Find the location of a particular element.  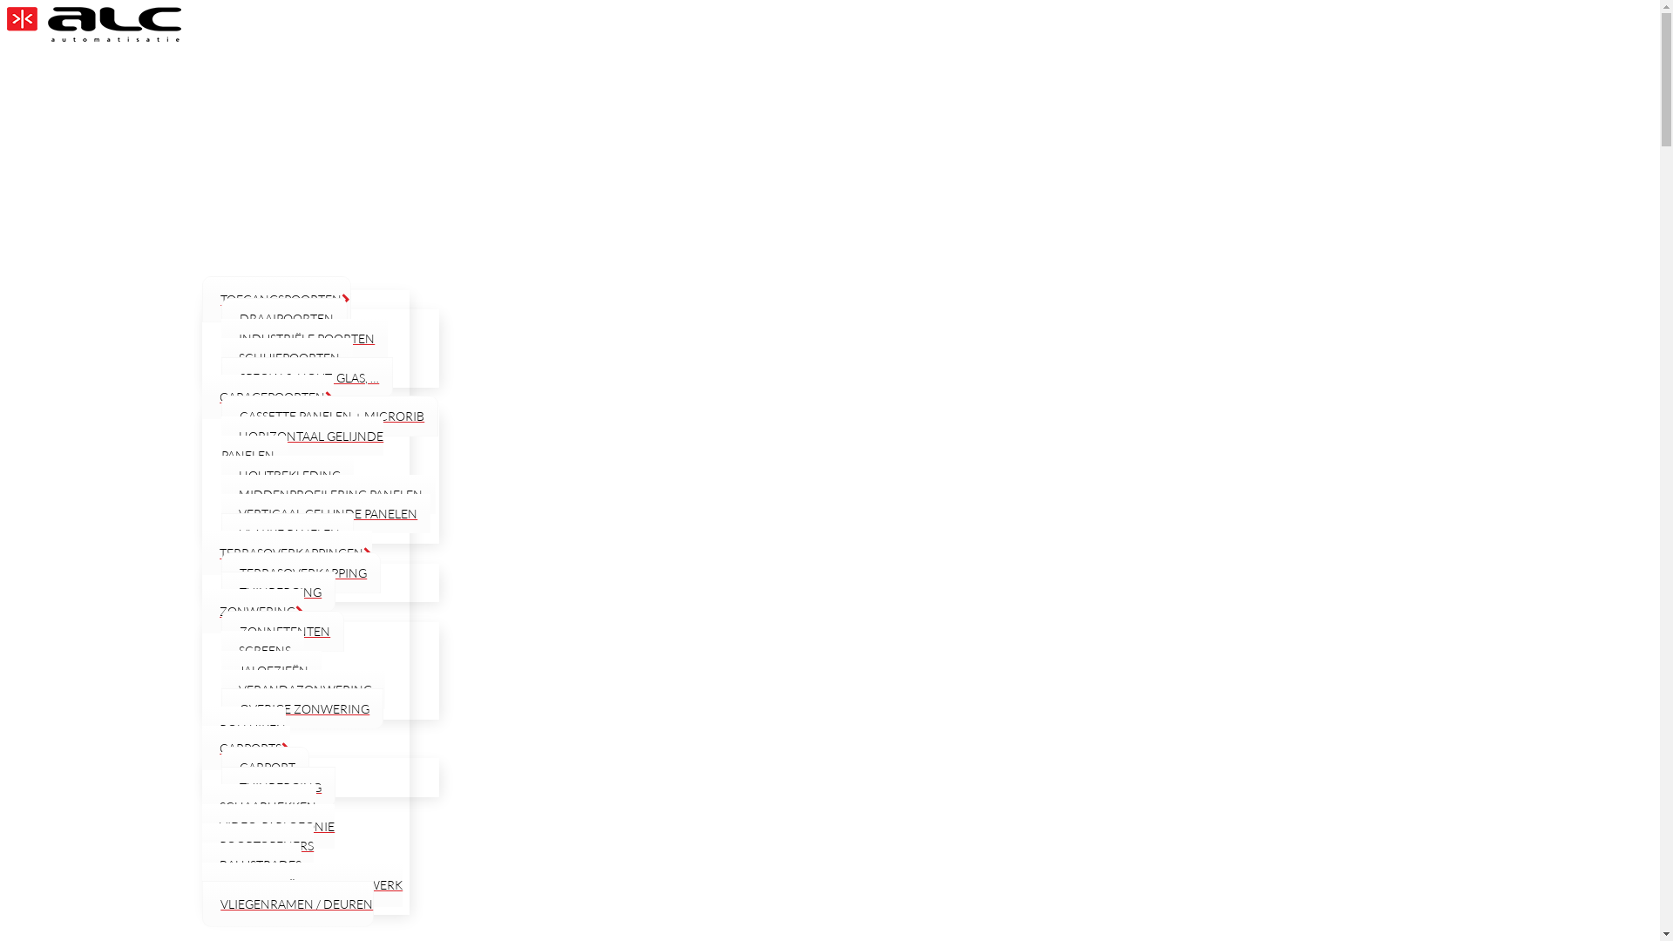

'VERTICAAL GELIJNDE PANELEN' is located at coordinates (326, 512).